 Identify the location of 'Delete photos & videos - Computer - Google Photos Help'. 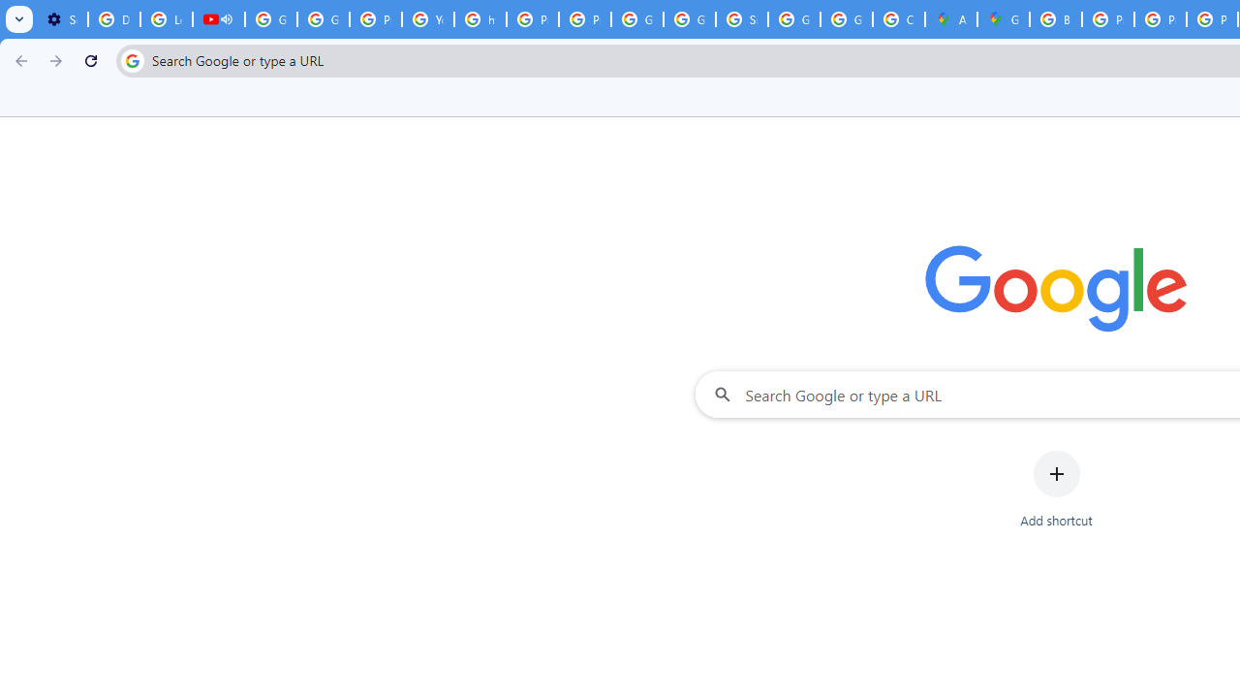
(112, 19).